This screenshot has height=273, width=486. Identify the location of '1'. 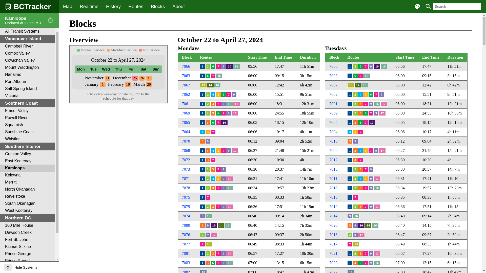
(202, 263).